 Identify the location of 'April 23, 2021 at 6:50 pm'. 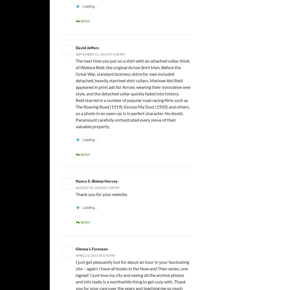
(95, 255).